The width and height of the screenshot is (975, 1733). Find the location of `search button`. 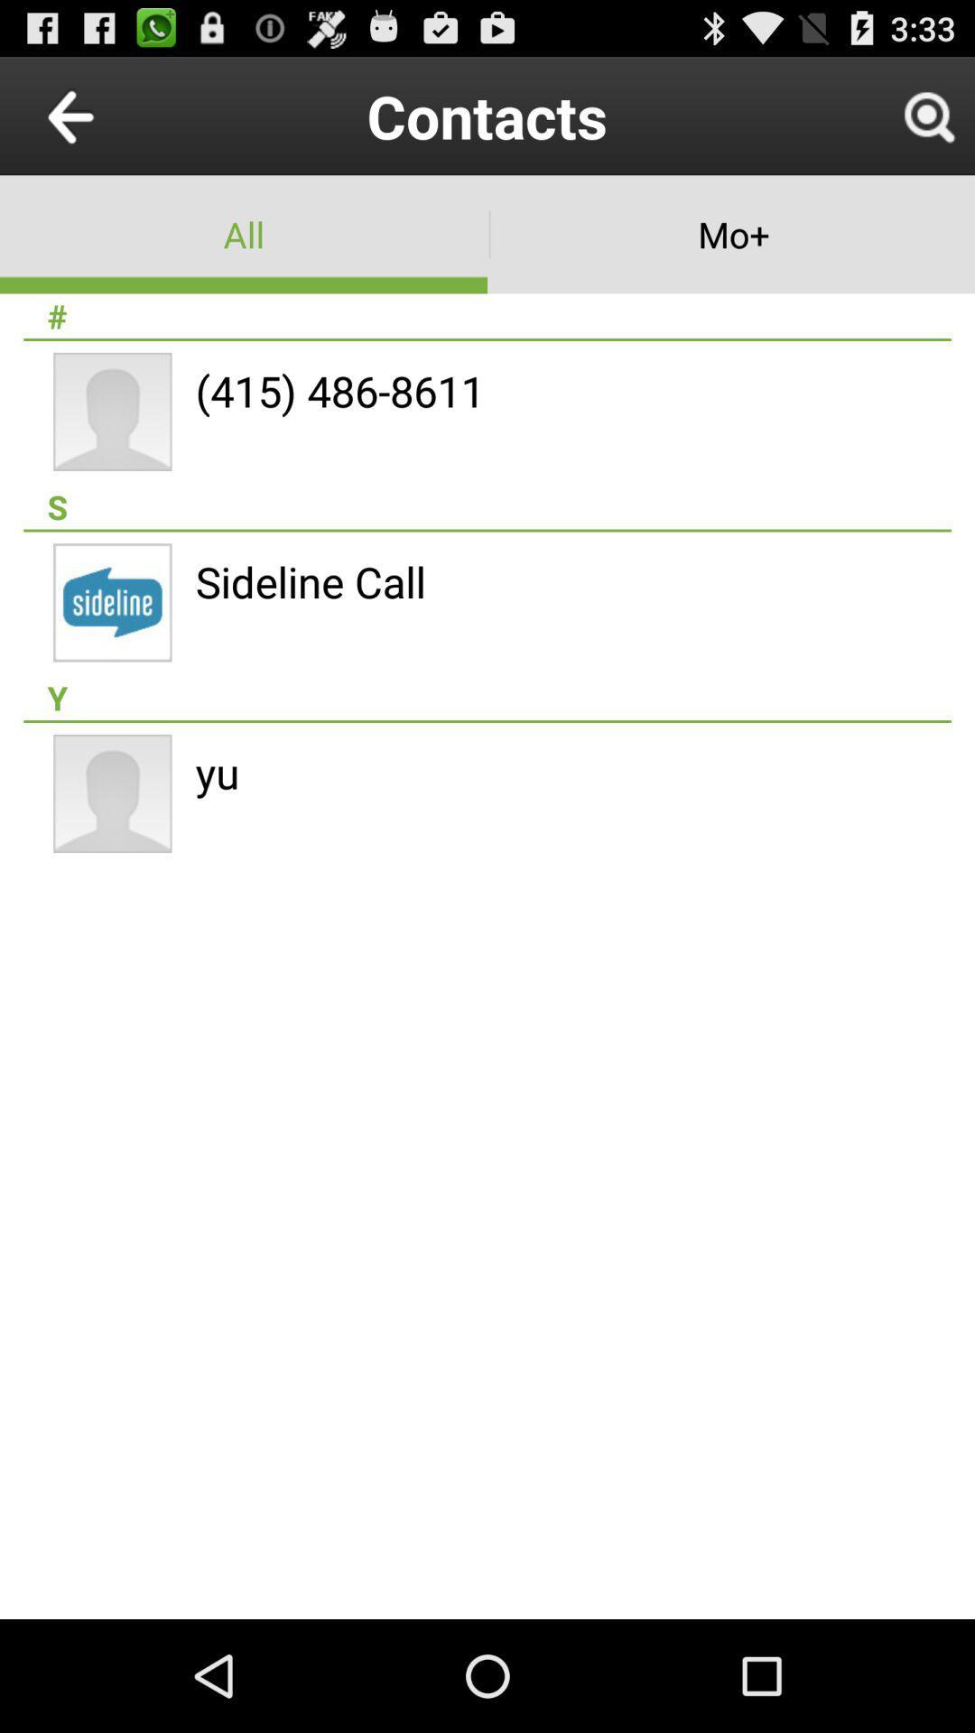

search button is located at coordinates (928, 115).